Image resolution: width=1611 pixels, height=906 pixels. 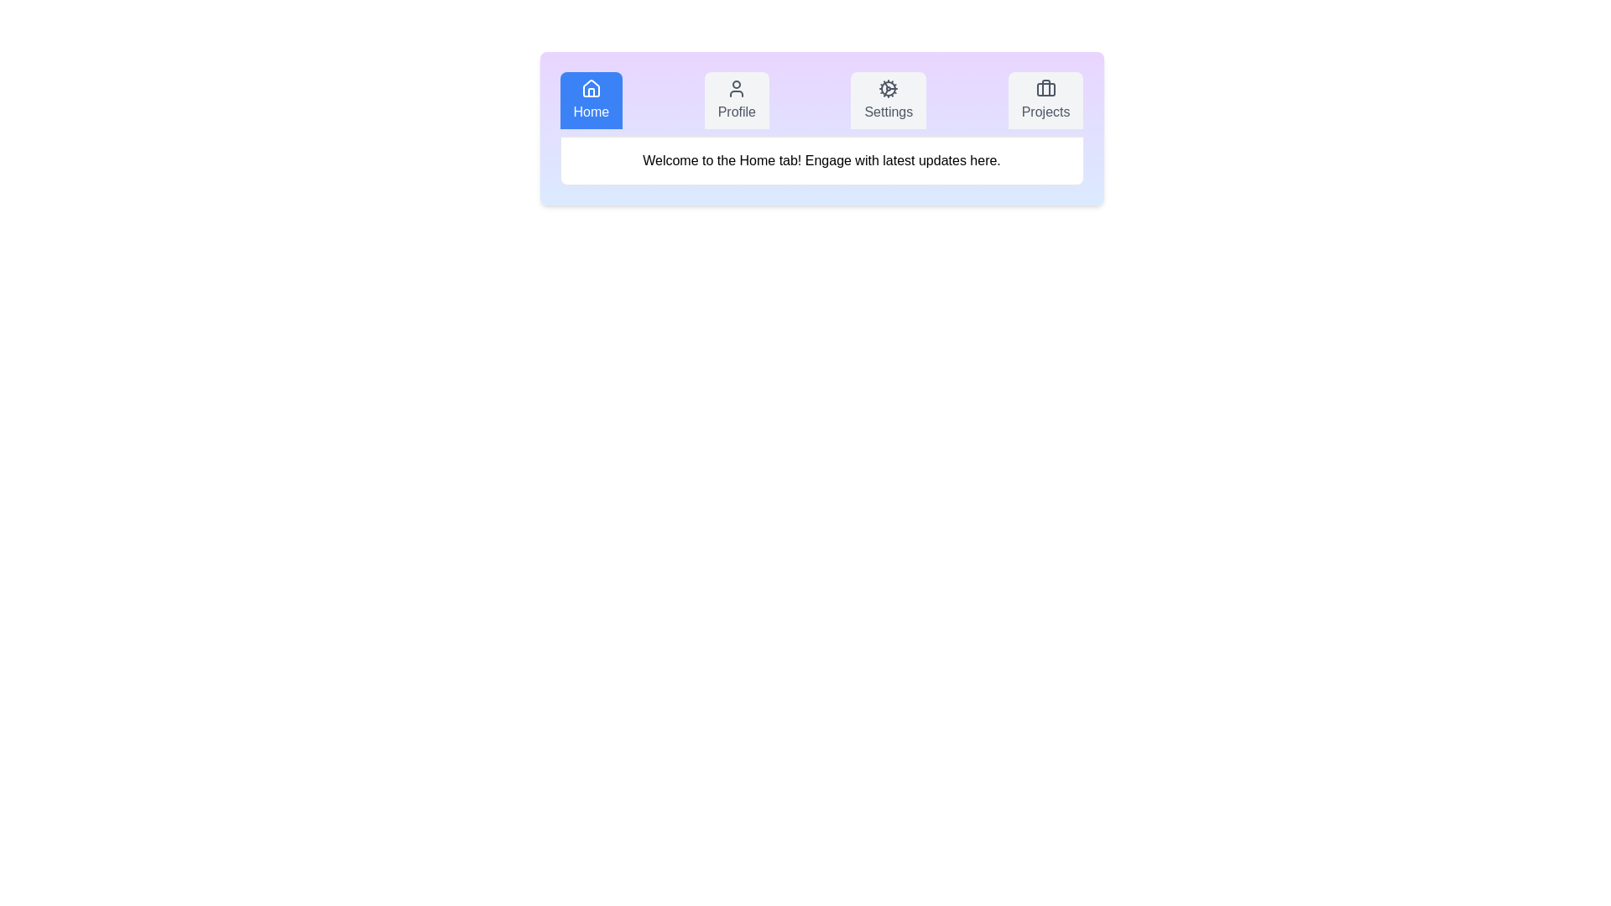 I want to click on the circular cogwheel design element within the 'Settings' tab of the navigation bar, so click(x=888, y=88).